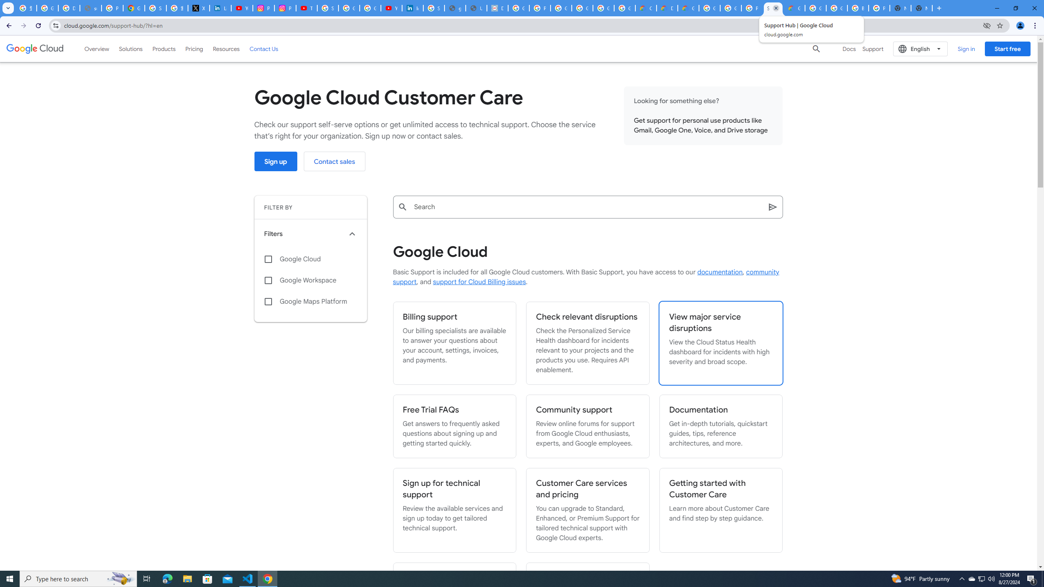 The width and height of the screenshot is (1044, 587). Describe the element at coordinates (90, 8) in the screenshot. I see `'support.google.com - Network error'` at that location.